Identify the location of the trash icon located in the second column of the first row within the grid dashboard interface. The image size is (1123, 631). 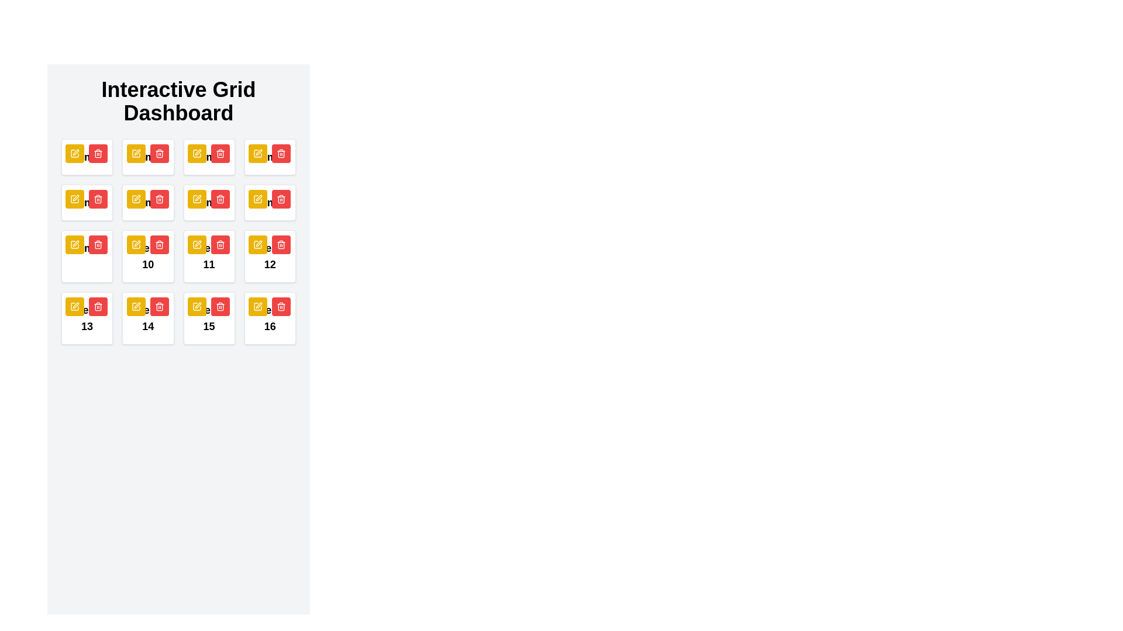
(98, 152).